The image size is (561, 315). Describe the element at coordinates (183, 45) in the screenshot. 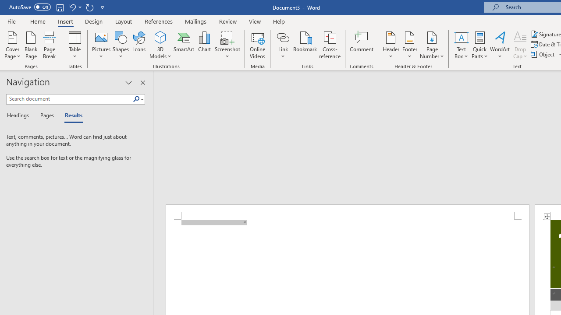

I see `'SmartArt...'` at that location.